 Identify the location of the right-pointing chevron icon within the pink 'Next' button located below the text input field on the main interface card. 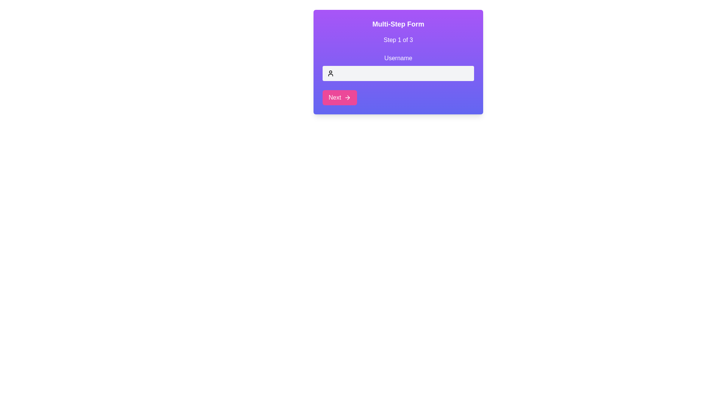
(347, 97).